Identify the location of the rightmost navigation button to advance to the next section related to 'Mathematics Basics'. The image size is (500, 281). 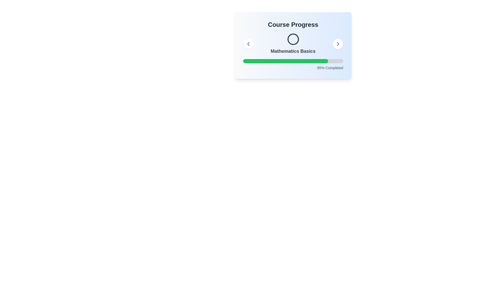
(338, 44).